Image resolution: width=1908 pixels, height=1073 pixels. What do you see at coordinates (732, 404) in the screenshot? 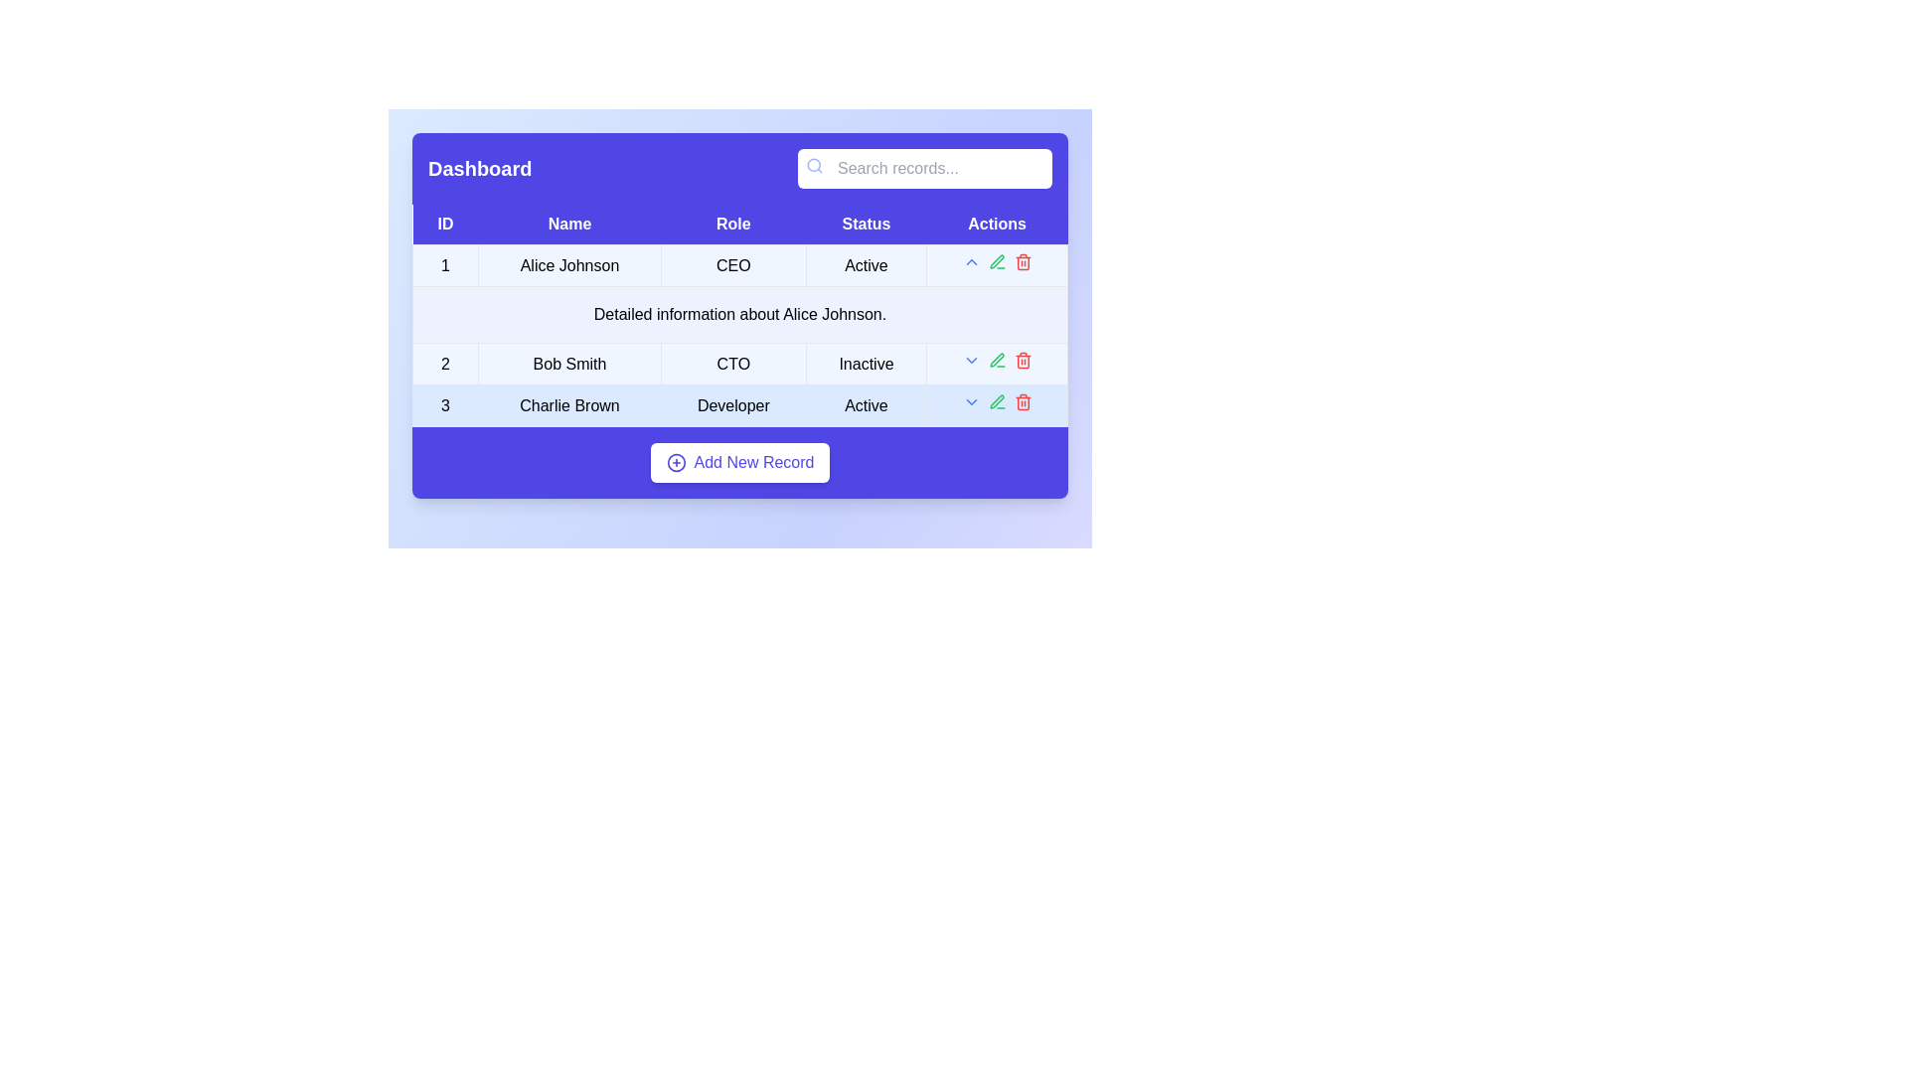
I see `the text element displaying the job role 'Developer' for the individual named 'Charlie Brown' located in the third row of the table under the 'Role' column` at bounding box center [732, 404].